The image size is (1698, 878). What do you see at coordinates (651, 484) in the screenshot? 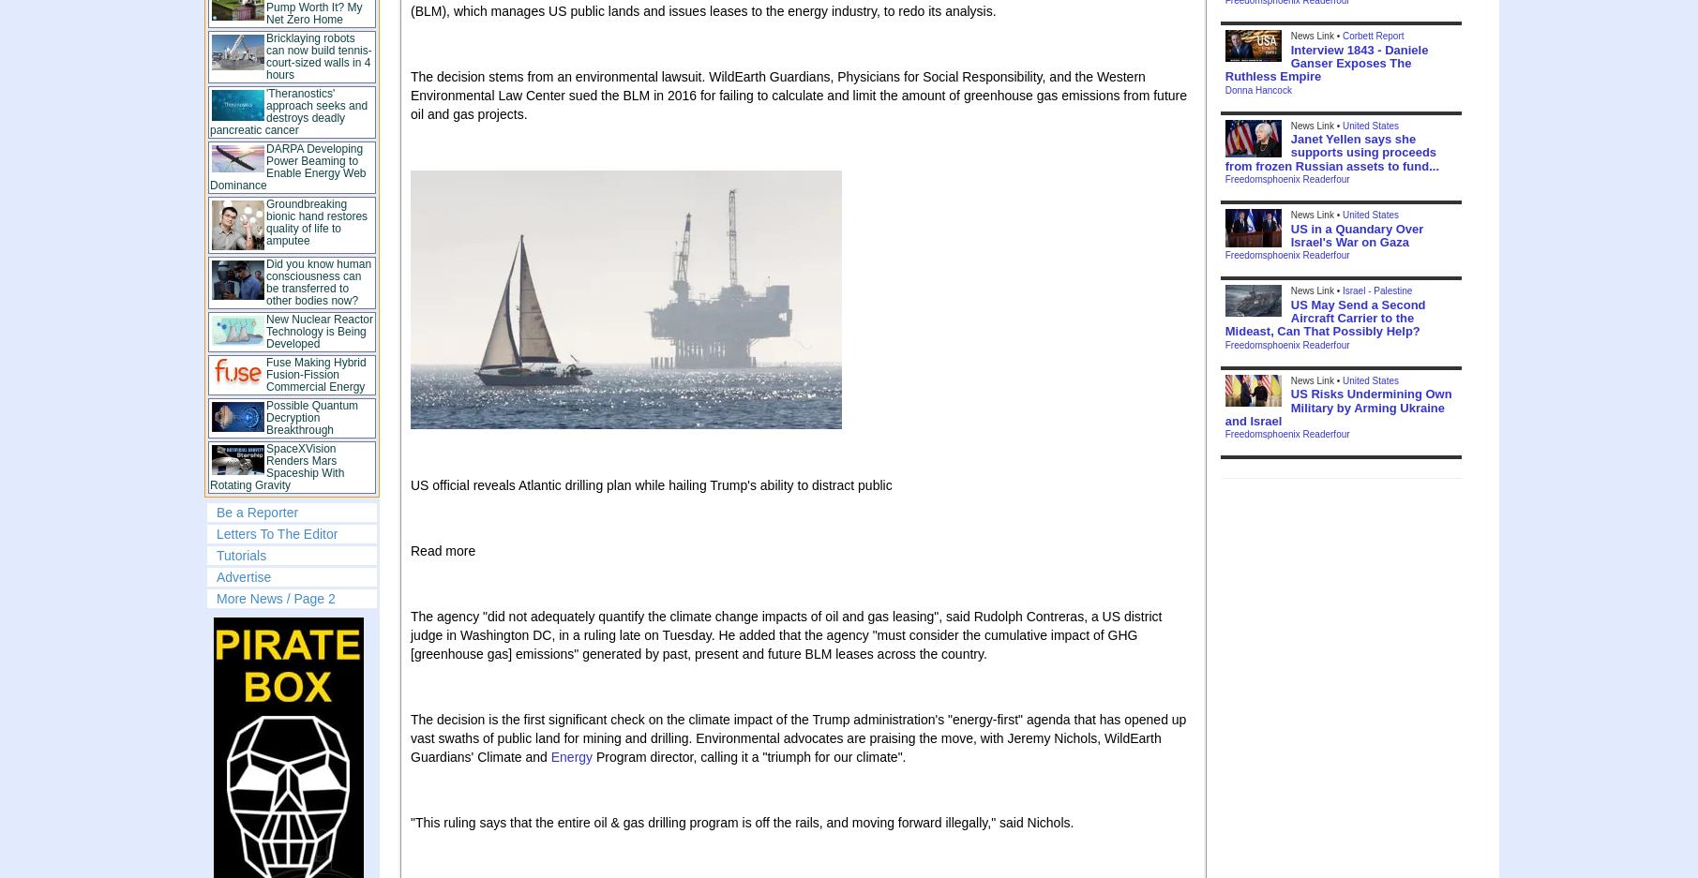
I see `'US official reveals Atlantic drilling plan while hailing Trump's ability to distract public'` at bounding box center [651, 484].